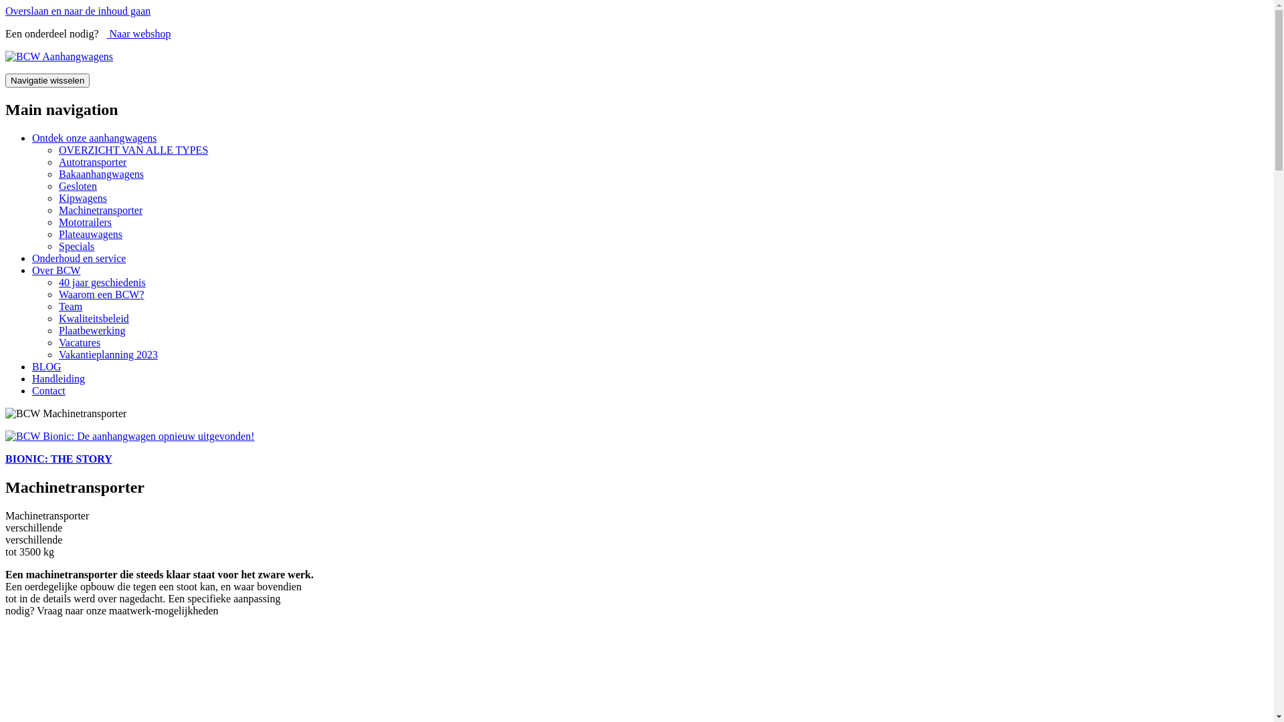 This screenshot has height=722, width=1284. I want to click on ' Naar webshop', so click(138, 33).